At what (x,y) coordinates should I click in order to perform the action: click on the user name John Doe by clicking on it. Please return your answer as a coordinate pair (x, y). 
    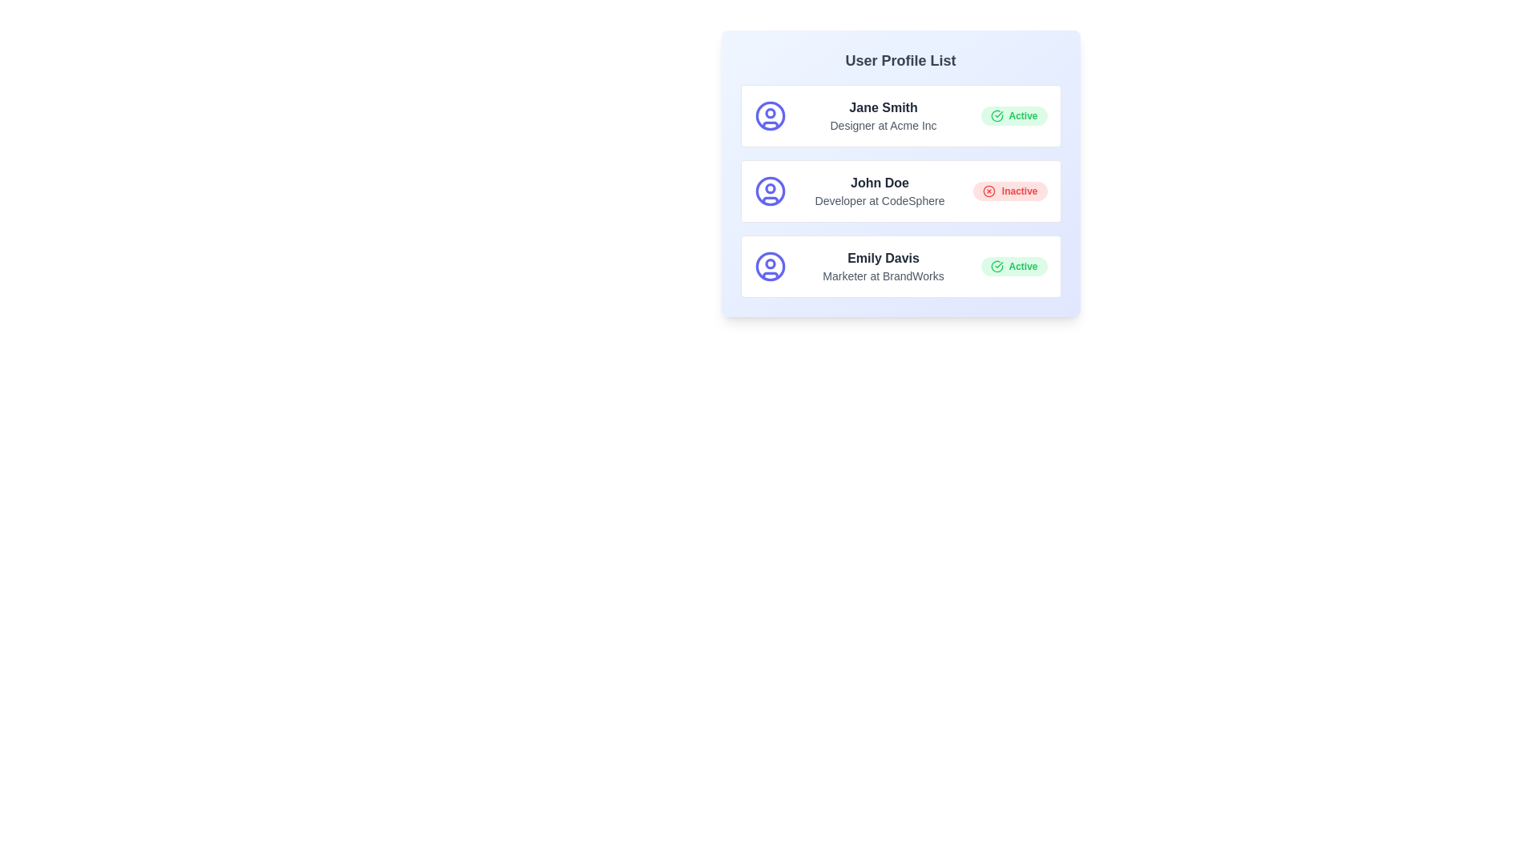
    Looking at the image, I should click on (879, 182).